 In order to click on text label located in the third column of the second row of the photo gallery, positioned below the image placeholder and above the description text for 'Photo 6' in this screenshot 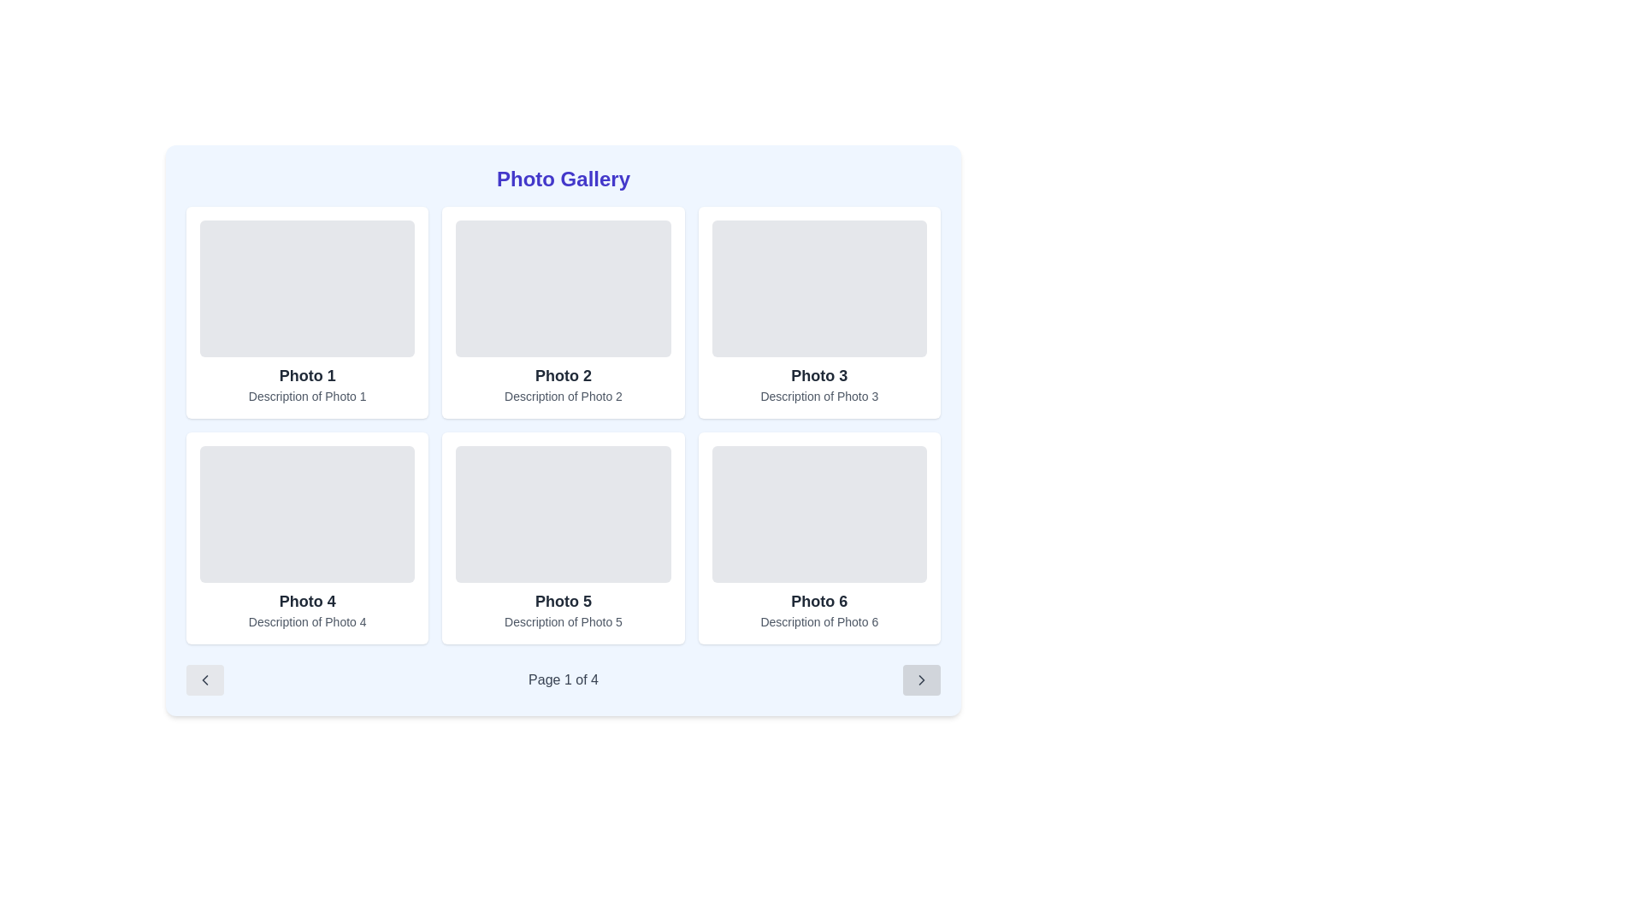, I will do `click(818, 601)`.